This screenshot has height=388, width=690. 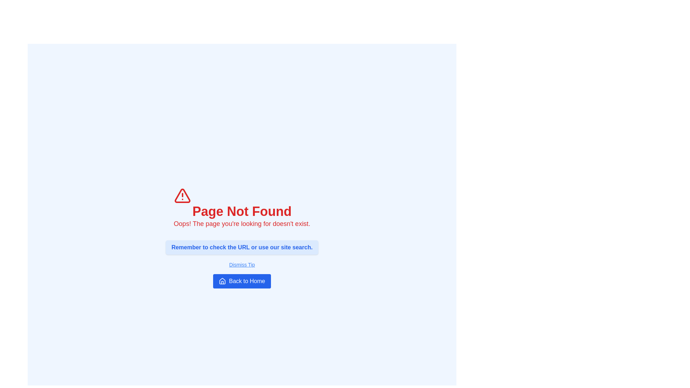 What do you see at coordinates (242, 223) in the screenshot?
I see `the text label that reads 'Oops! The page you're looking for doesn't exist.' which is styled in bright red and positioned below the headline 'Page Not Found'` at bounding box center [242, 223].